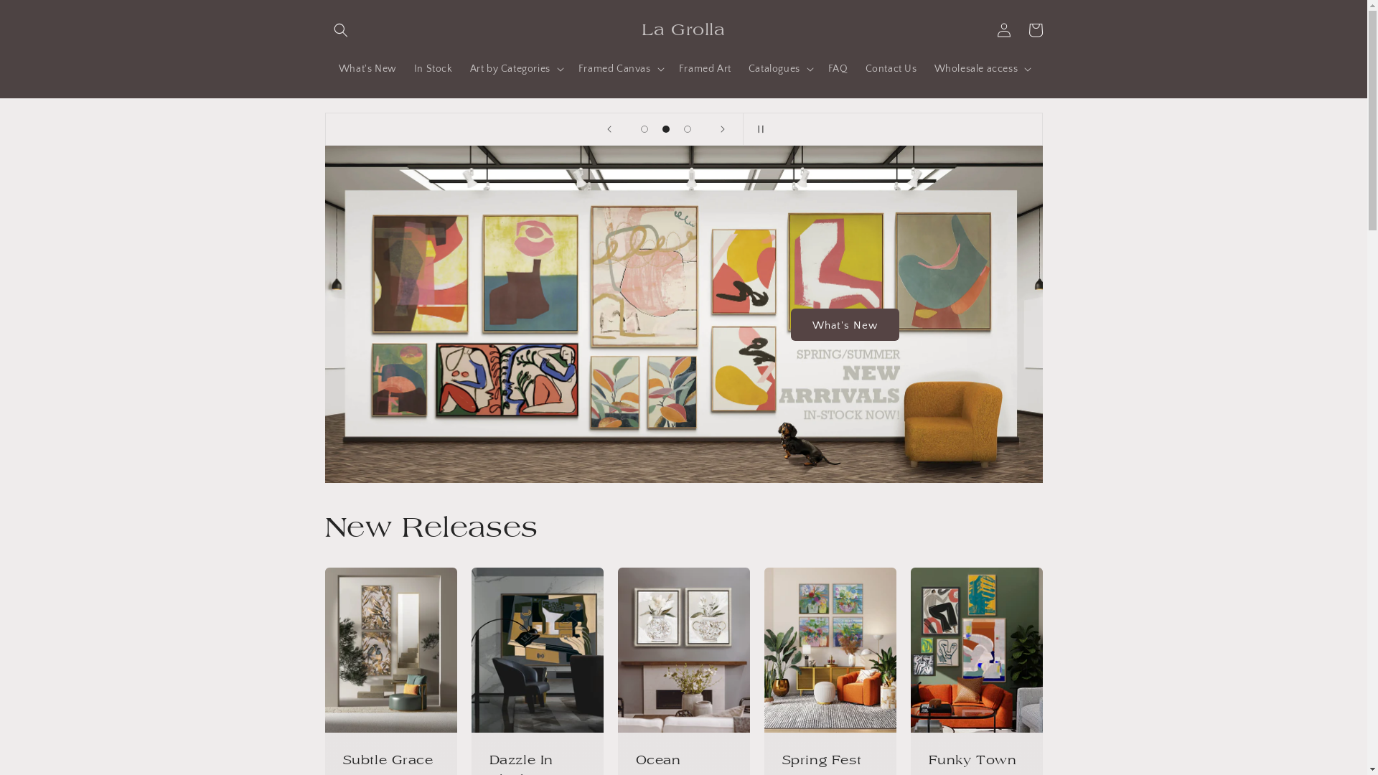 Image resolution: width=1378 pixels, height=775 pixels. Describe the element at coordinates (367, 68) in the screenshot. I see `'What's New'` at that location.